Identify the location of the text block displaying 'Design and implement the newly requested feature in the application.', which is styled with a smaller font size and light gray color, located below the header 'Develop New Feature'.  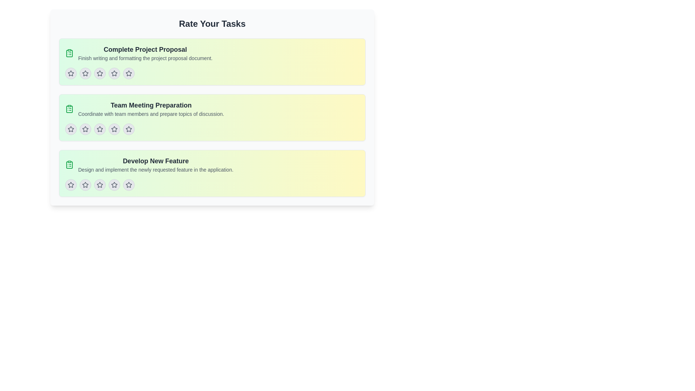
(155, 170).